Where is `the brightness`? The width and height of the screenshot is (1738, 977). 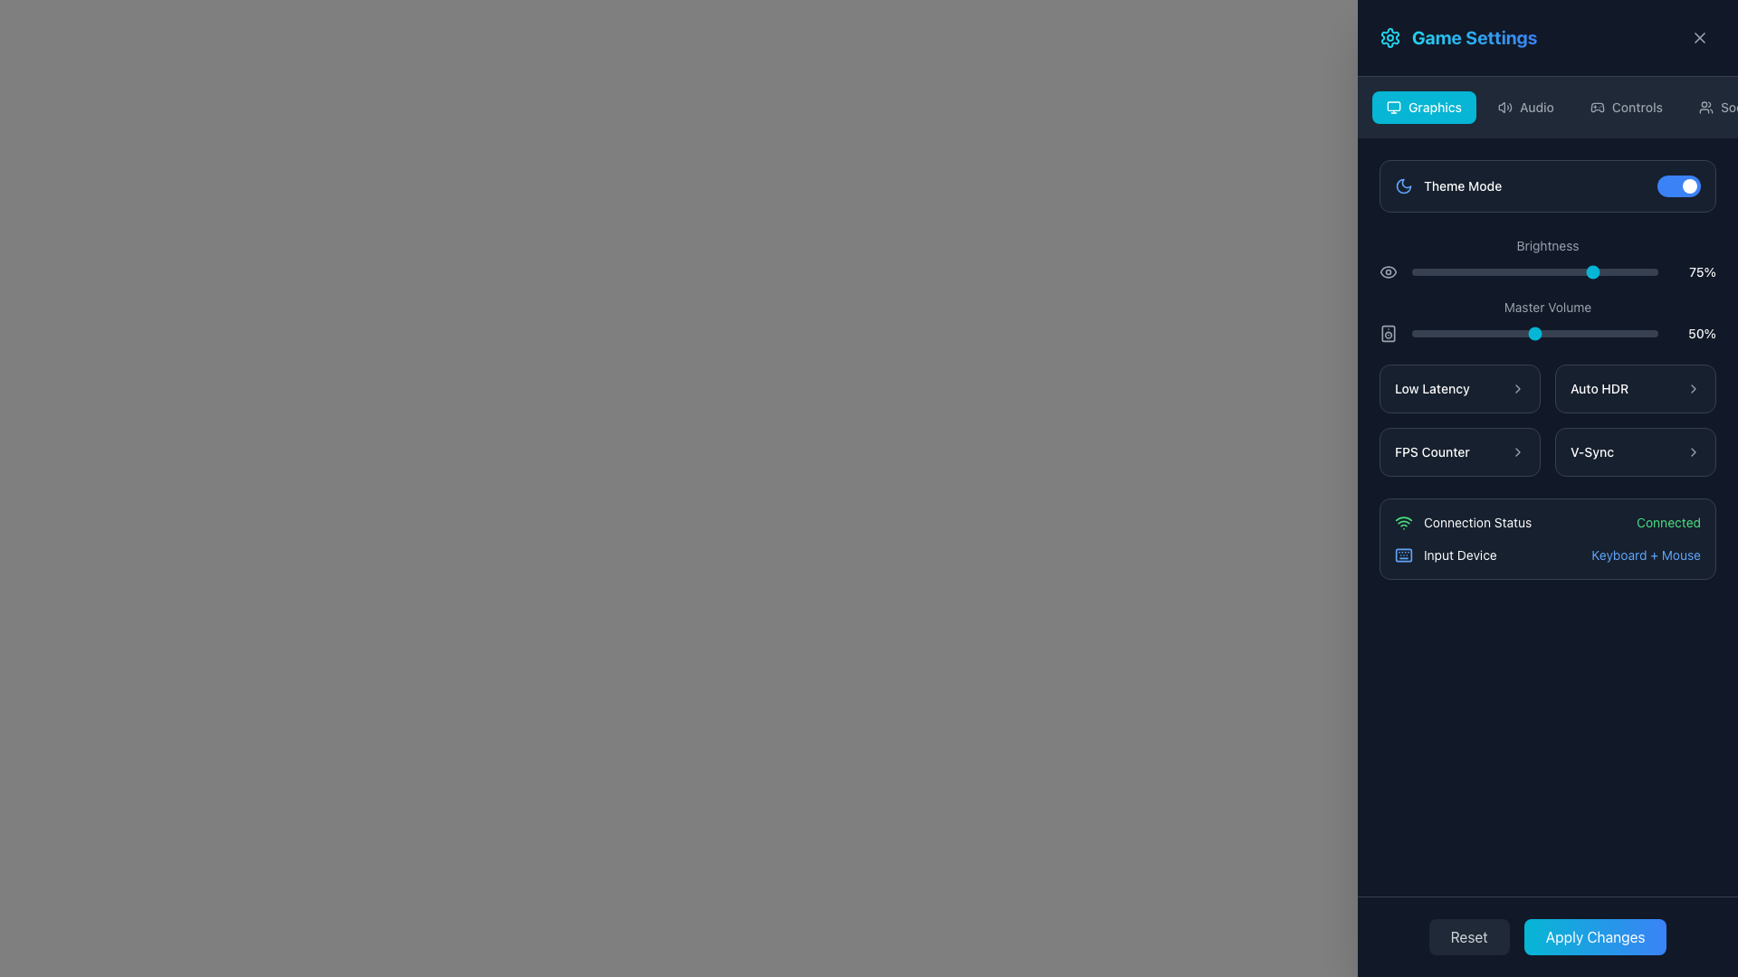 the brightness is located at coordinates (1643, 271).